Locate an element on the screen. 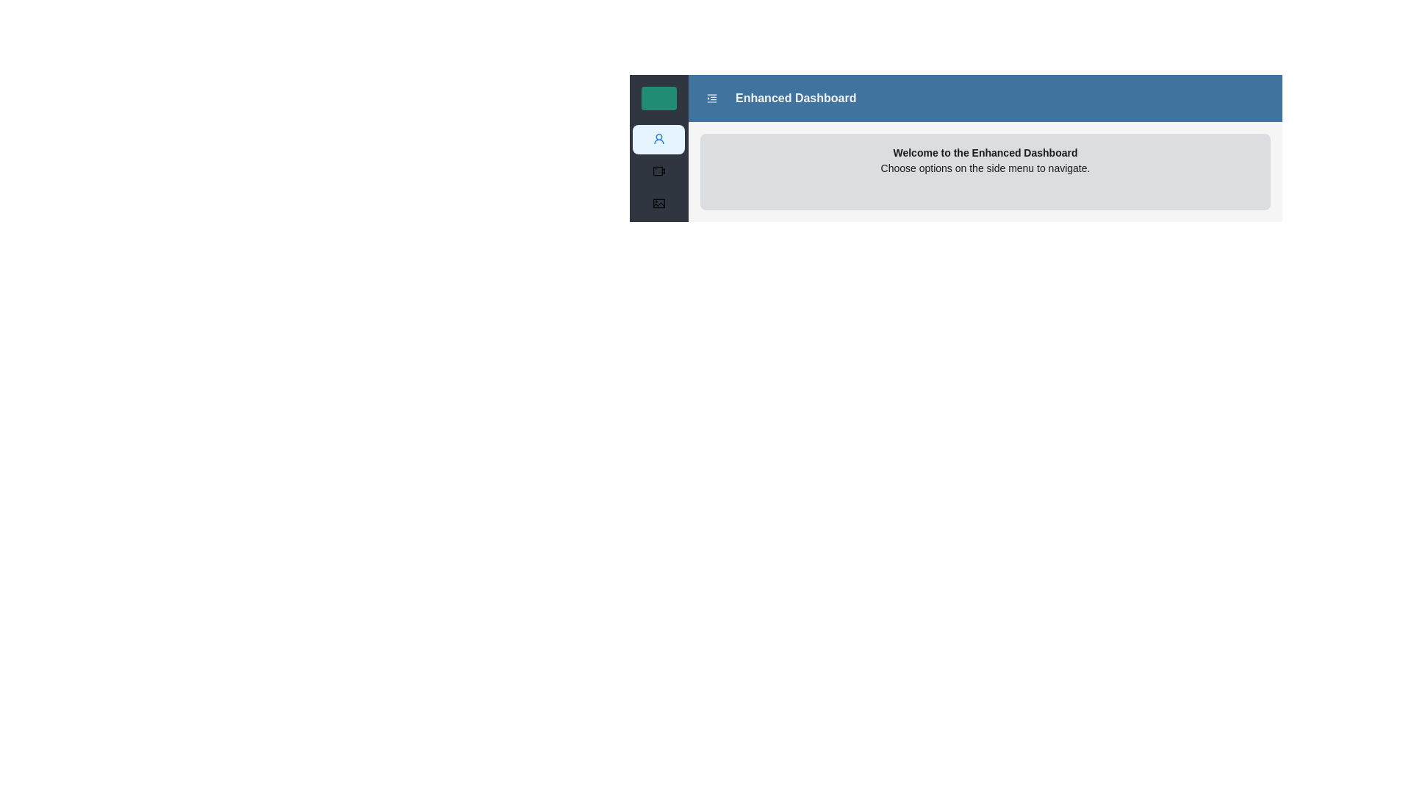  the second menu item in the vertical left-aligned sidebar menu is located at coordinates (658, 171).